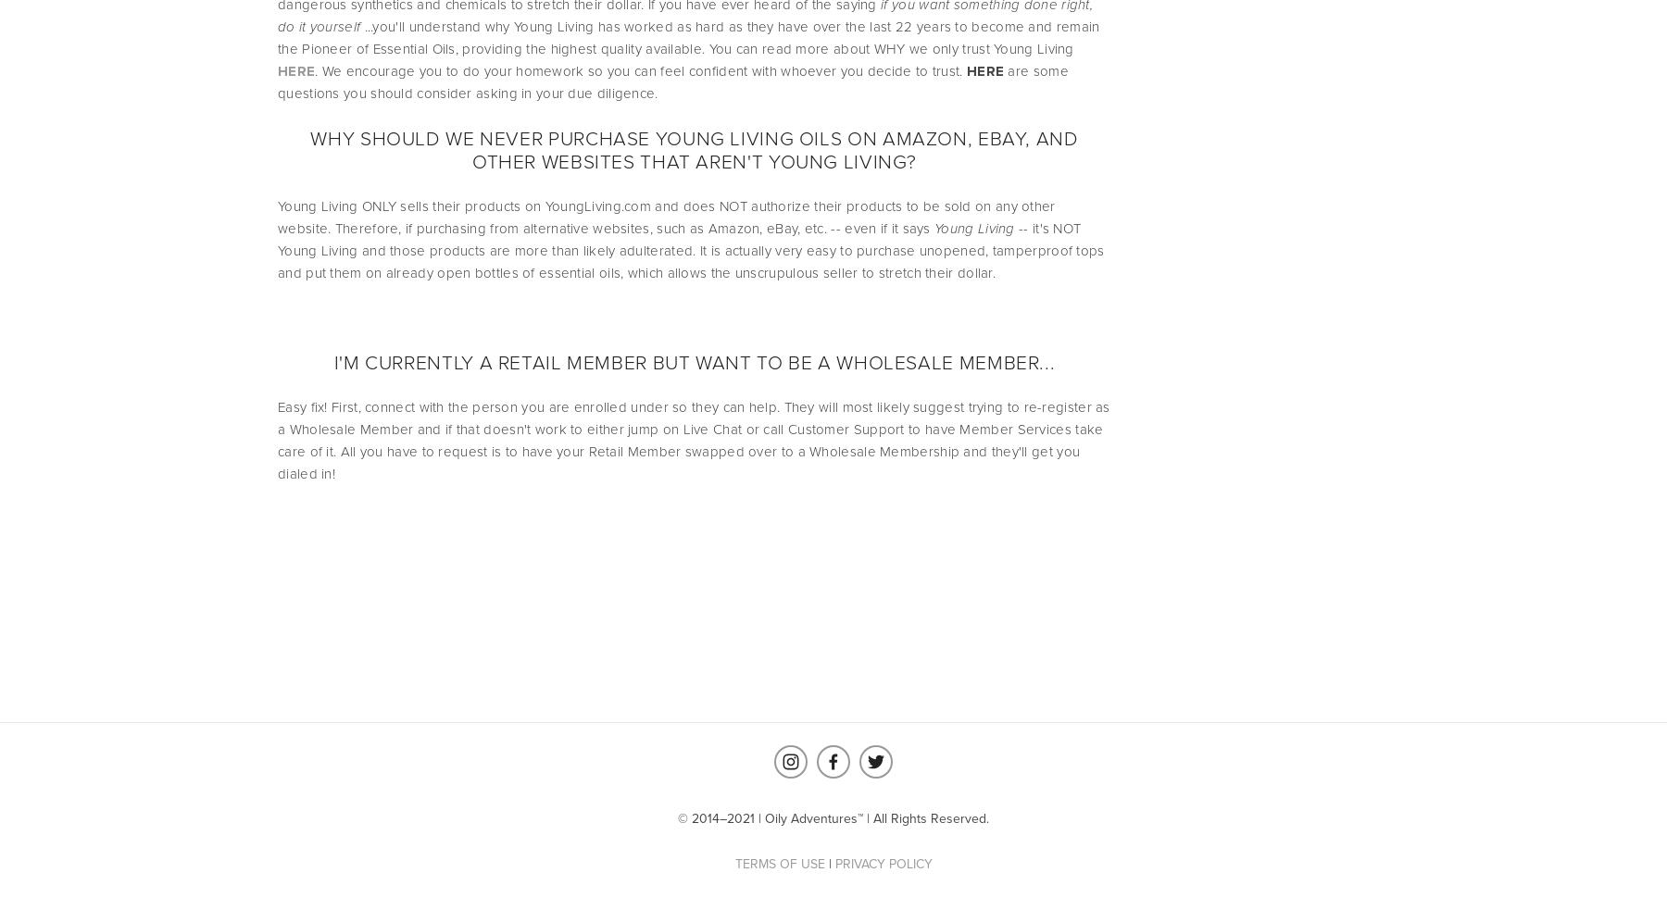 Image resolution: width=1667 pixels, height=910 pixels. Describe the element at coordinates (696, 148) in the screenshot. I see `'WHY SHOULD WE NEVER PURCHASE YOUNG LIVING OILS ON AMAZON, EBAY, AND OTHER WEBSITES THAT AREN'T YOUNG LIVING?'` at that location.